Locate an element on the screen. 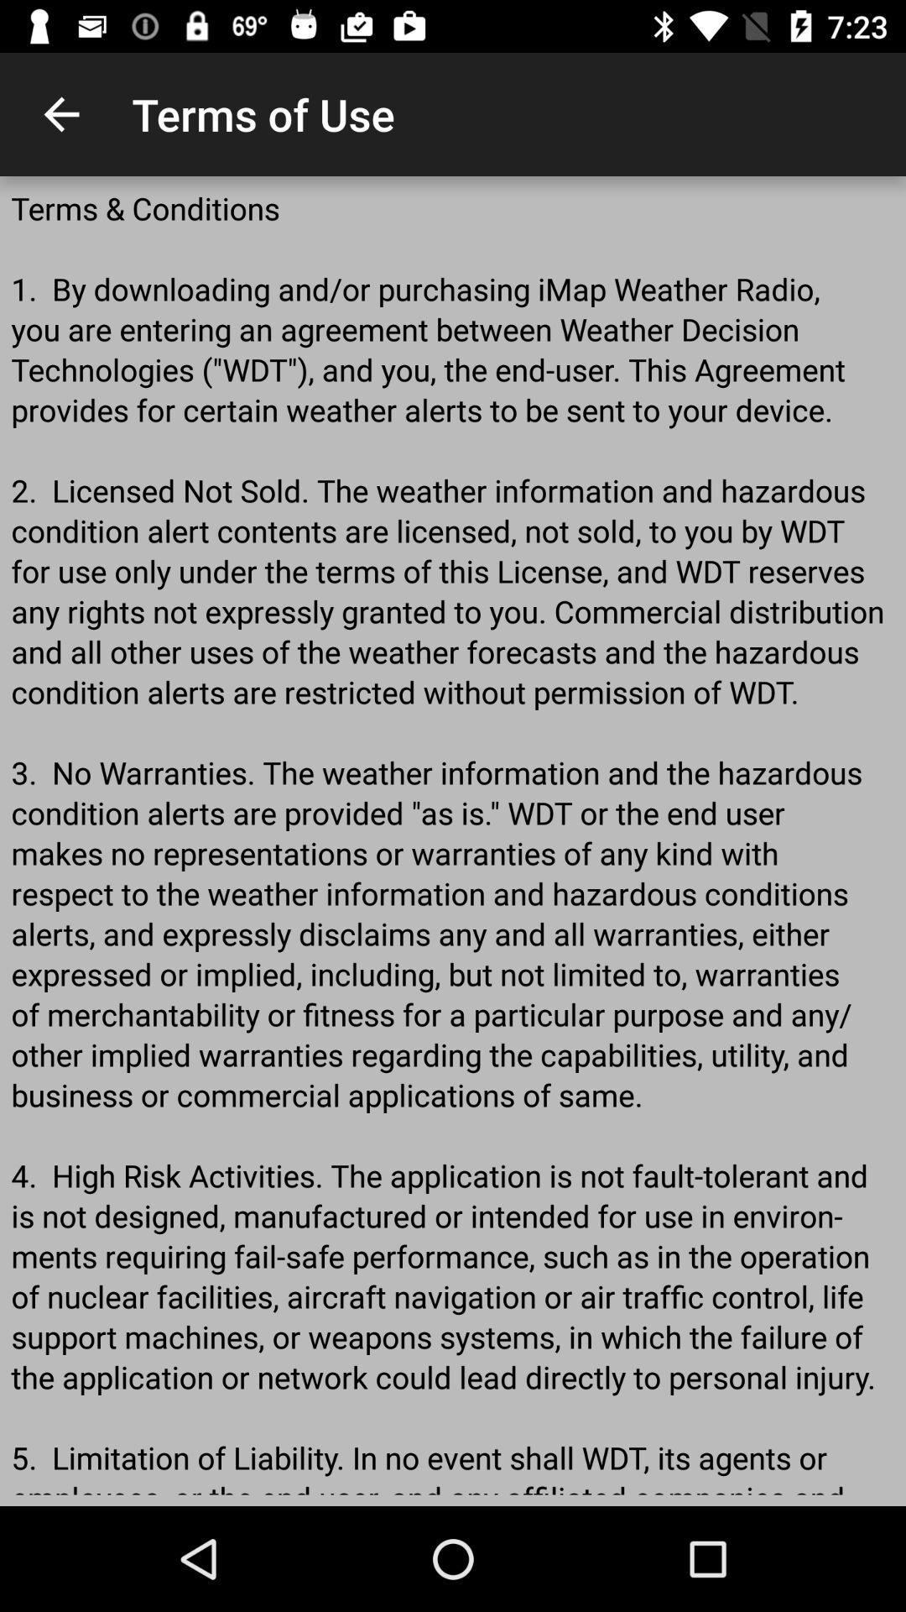 Image resolution: width=906 pixels, height=1612 pixels. the icon at the center is located at coordinates (453, 841).